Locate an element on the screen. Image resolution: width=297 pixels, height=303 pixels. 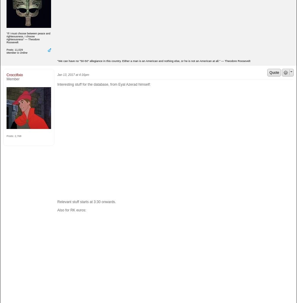
'Posts: 11,029' is located at coordinates (15, 49).